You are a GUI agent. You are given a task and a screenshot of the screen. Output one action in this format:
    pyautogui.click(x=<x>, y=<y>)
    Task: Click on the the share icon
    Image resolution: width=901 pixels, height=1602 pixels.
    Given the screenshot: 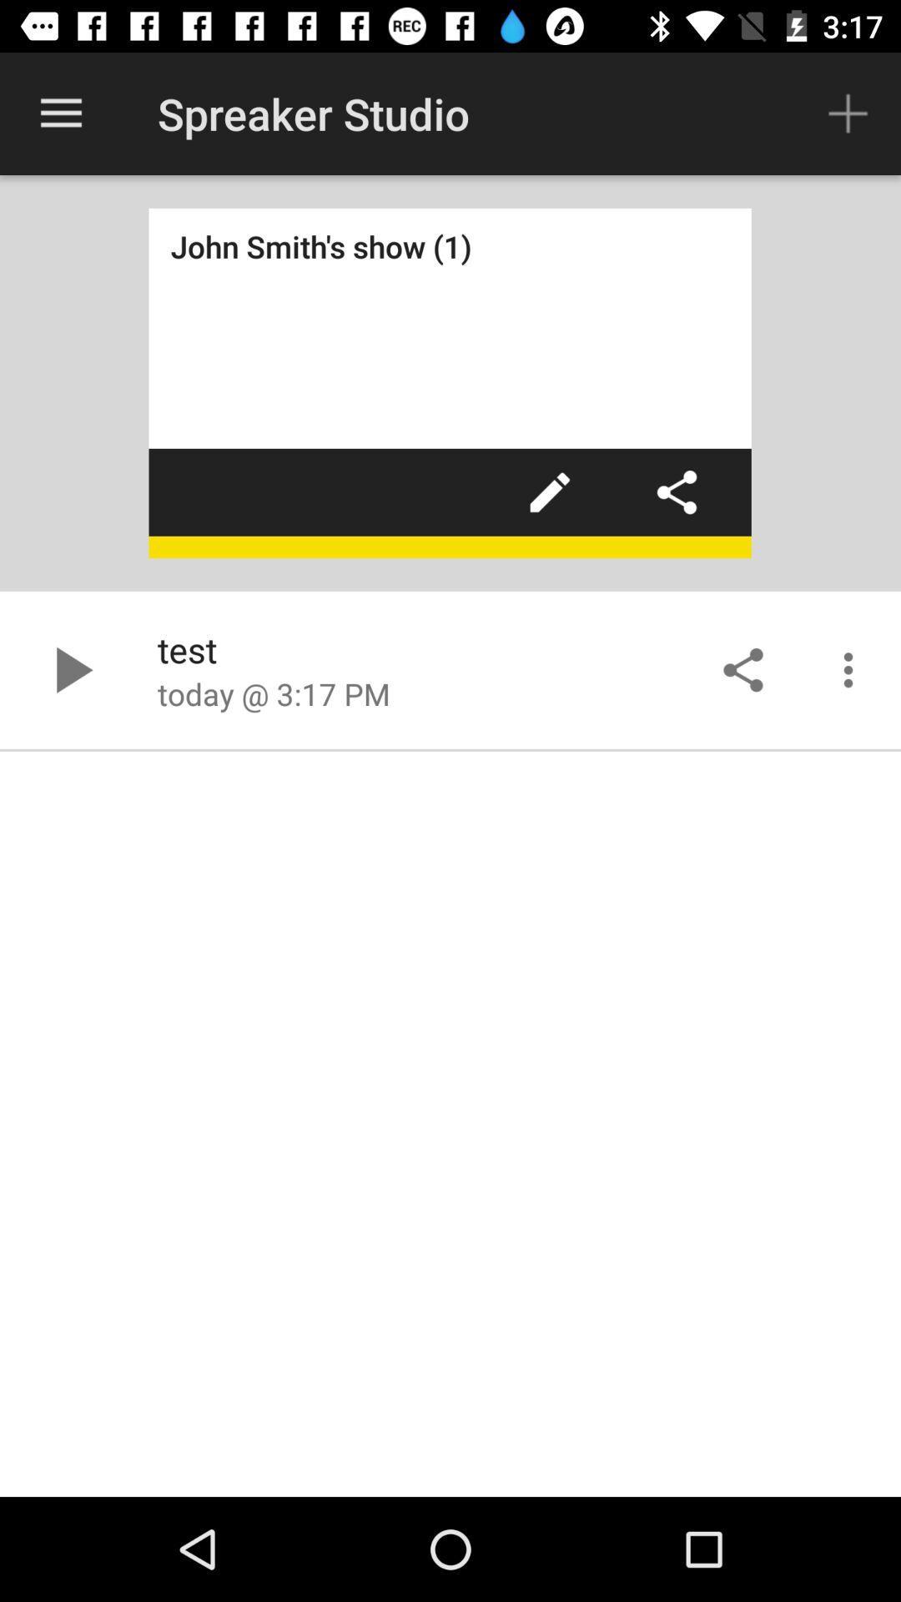 What is the action you would take?
    pyautogui.click(x=677, y=491)
    